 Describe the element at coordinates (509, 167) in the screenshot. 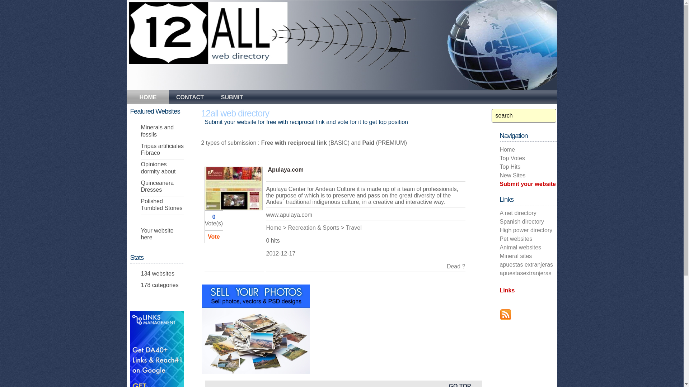

I see `'Top Hits'` at that location.